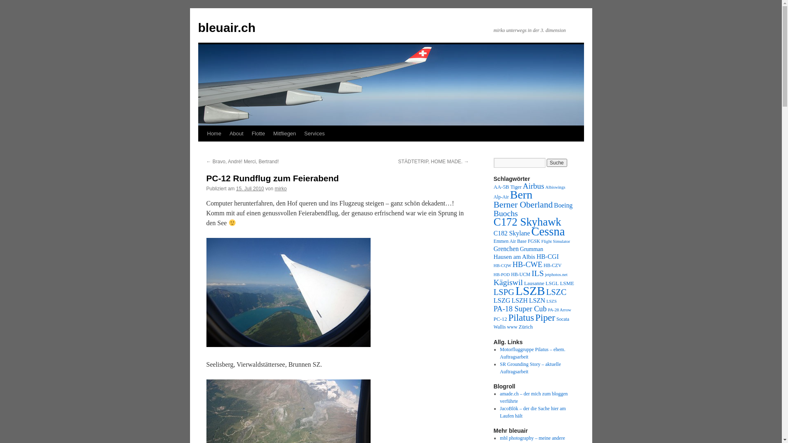 The width and height of the screenshot is (788, 443). What do you see at coordinates (557, 163) in the screenshot?
I see `'Suche'` at bounding box center [557, 163].